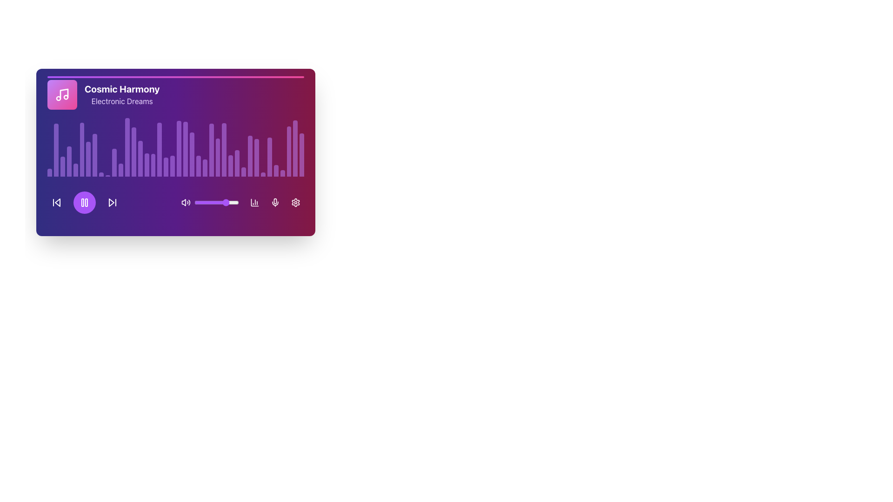  I want to click on the skip-back button located at the bottom-left corner of the music player interface, so click(56, 202).